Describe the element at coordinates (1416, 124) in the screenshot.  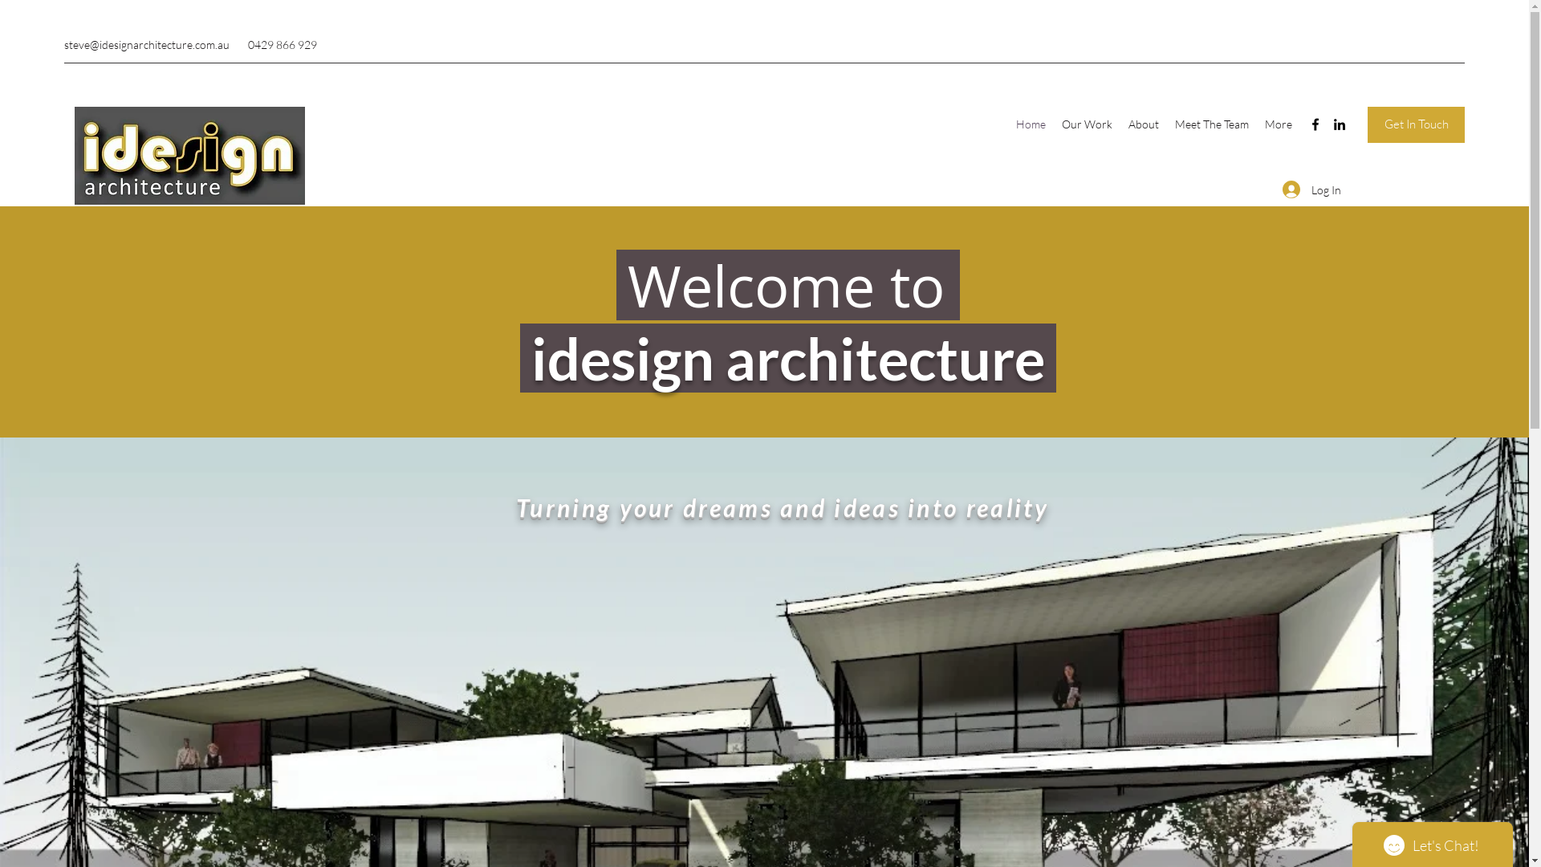
I see `'Get In Touch'` at that location.